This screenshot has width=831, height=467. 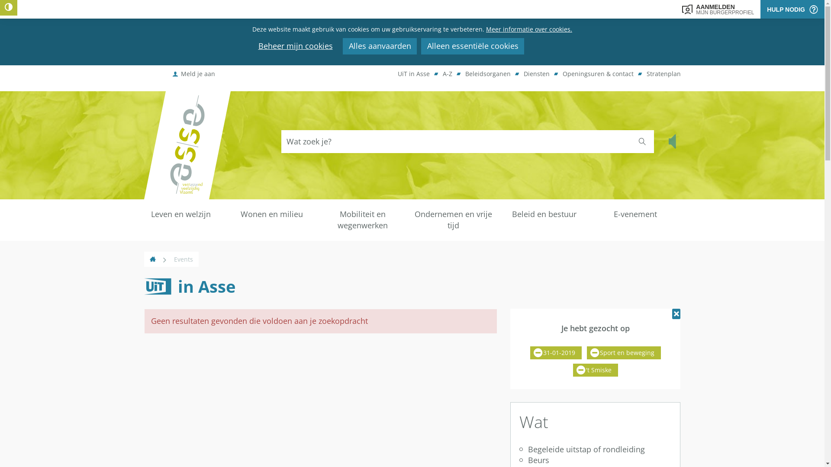 What do you see at coordinates (556, 353) in the screenshot?
I see `'31-01-2019'` at bounding box center [556, 353].